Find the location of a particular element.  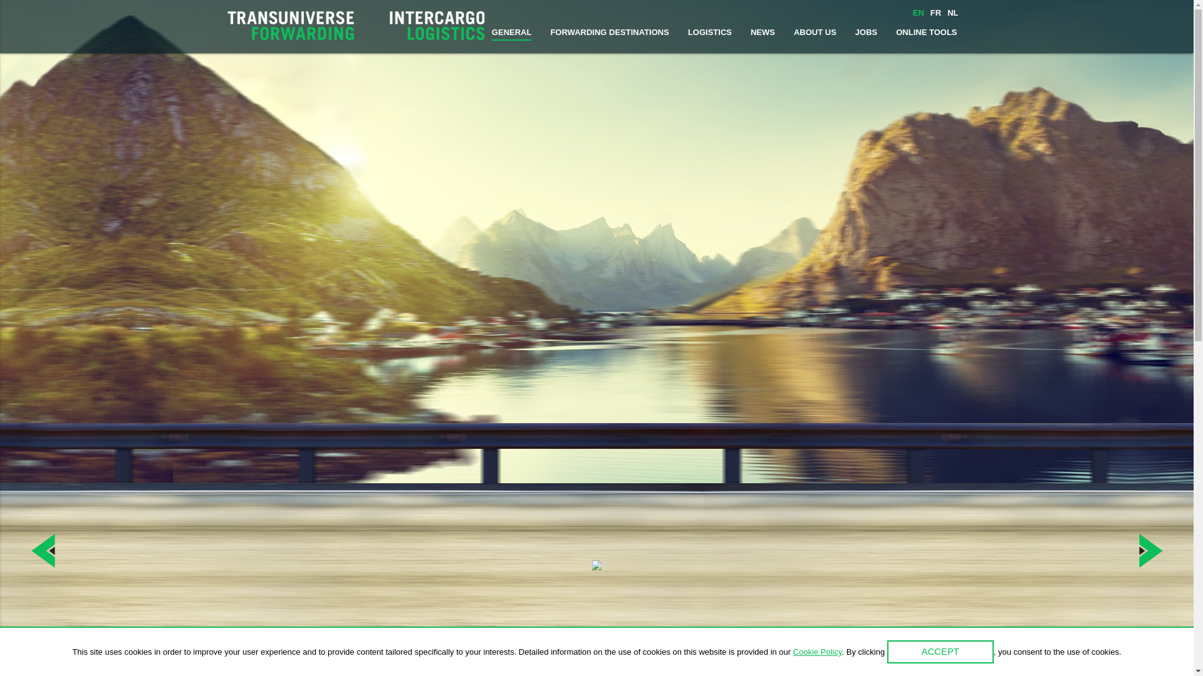

'ABOUT US' is located at coordinates (815, 32).